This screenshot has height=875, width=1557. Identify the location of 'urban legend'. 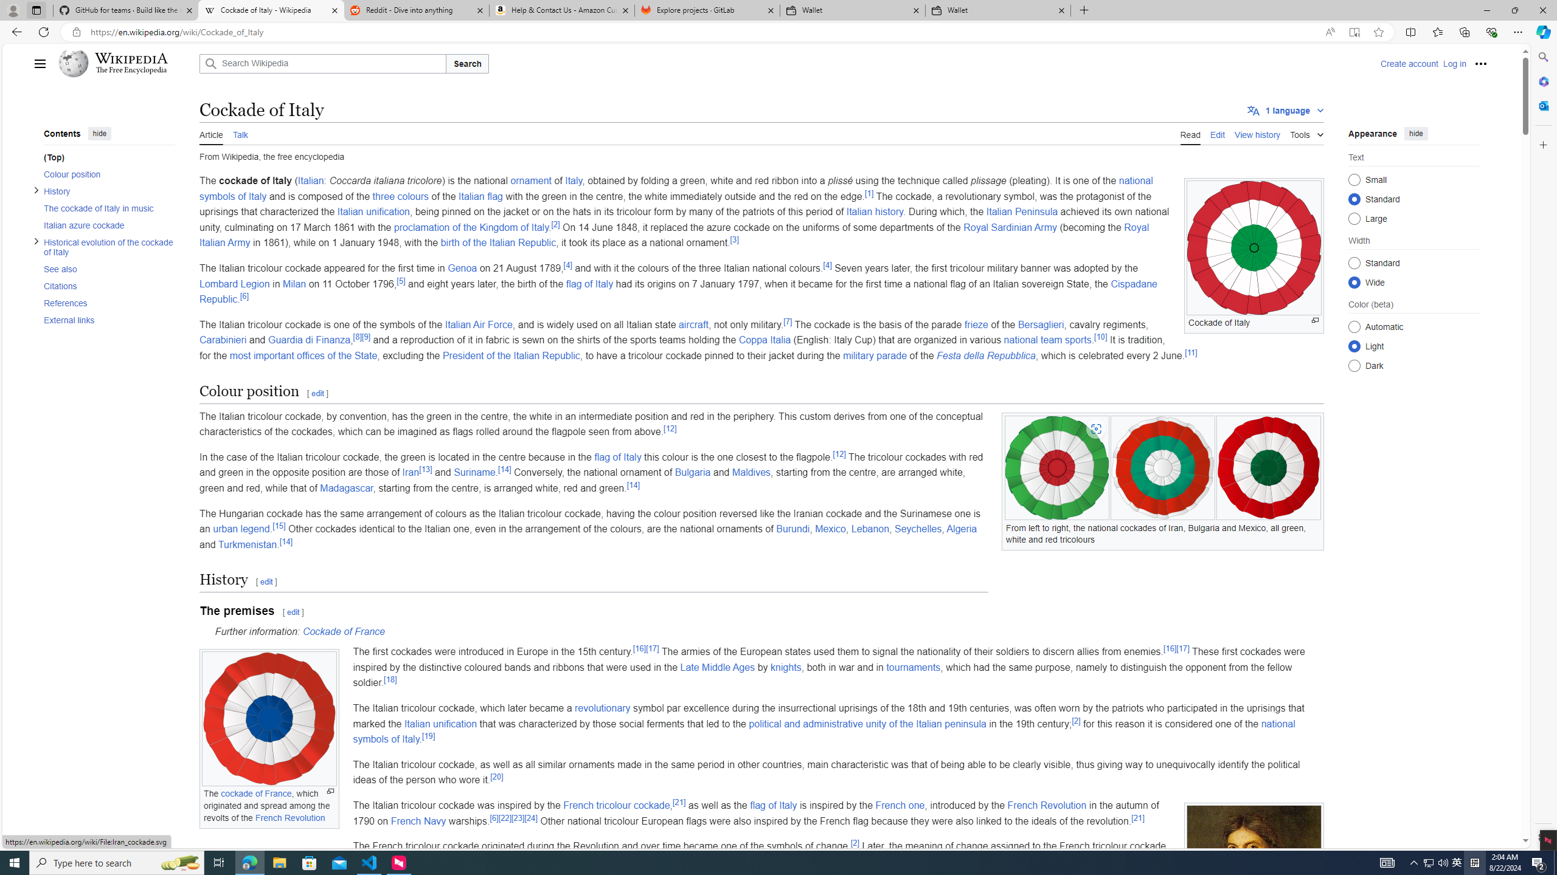
(240, 529).